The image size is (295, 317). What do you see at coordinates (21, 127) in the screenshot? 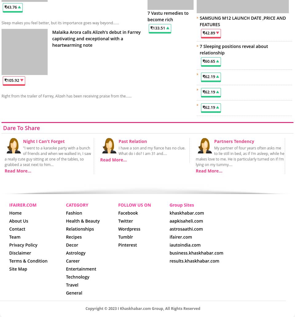
I see `'Dare To Share'` at bounding box center [21, 127].